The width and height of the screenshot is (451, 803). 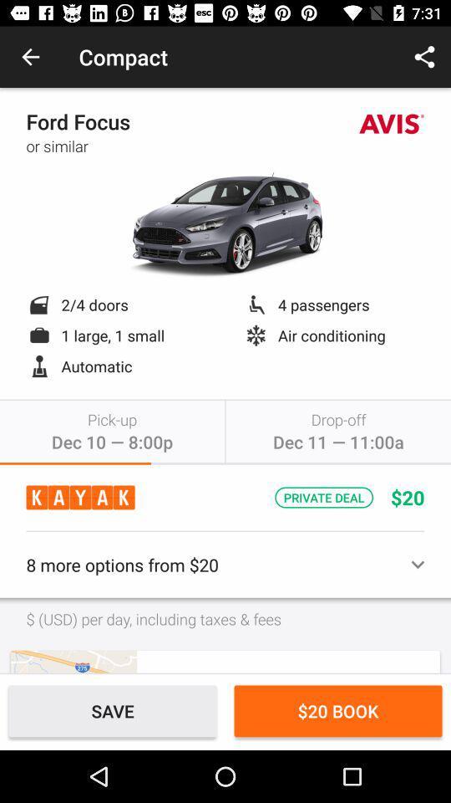 What do you see at coordinates (225, 565) in the screenshot?
I see `8 more options item` at bounding box center [225, 565].